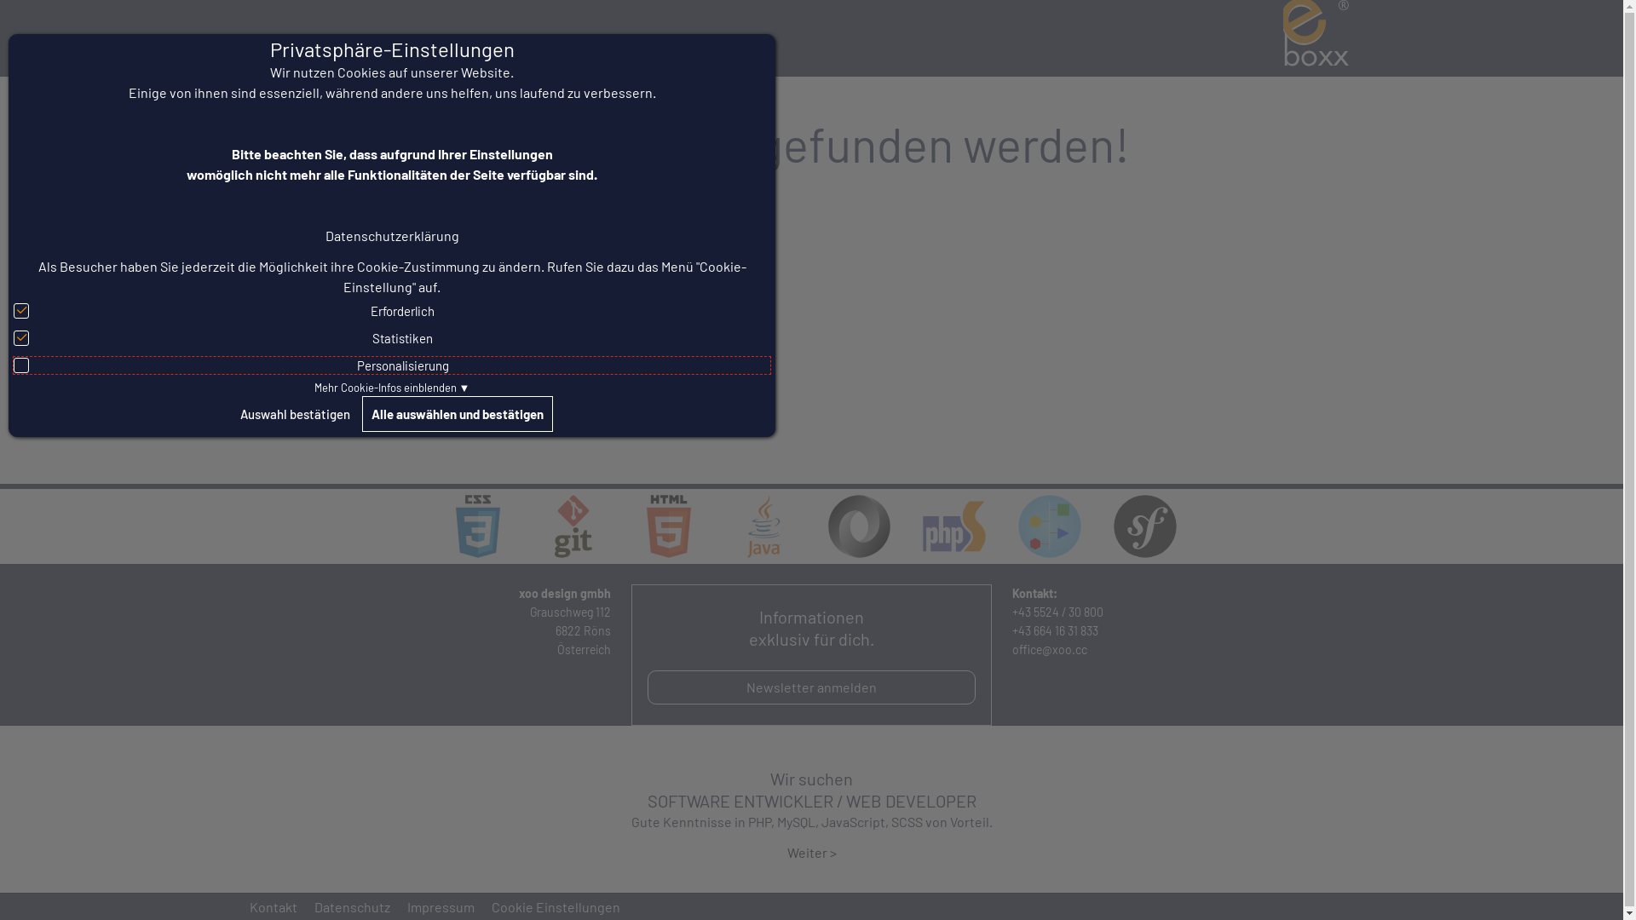 The height and width of the screenshot is (920, 1636). What do you see at coordinates (1049, 649) in the screenshot?
I see `'office@xoo.cc'` at bounding box center [1049, 649].